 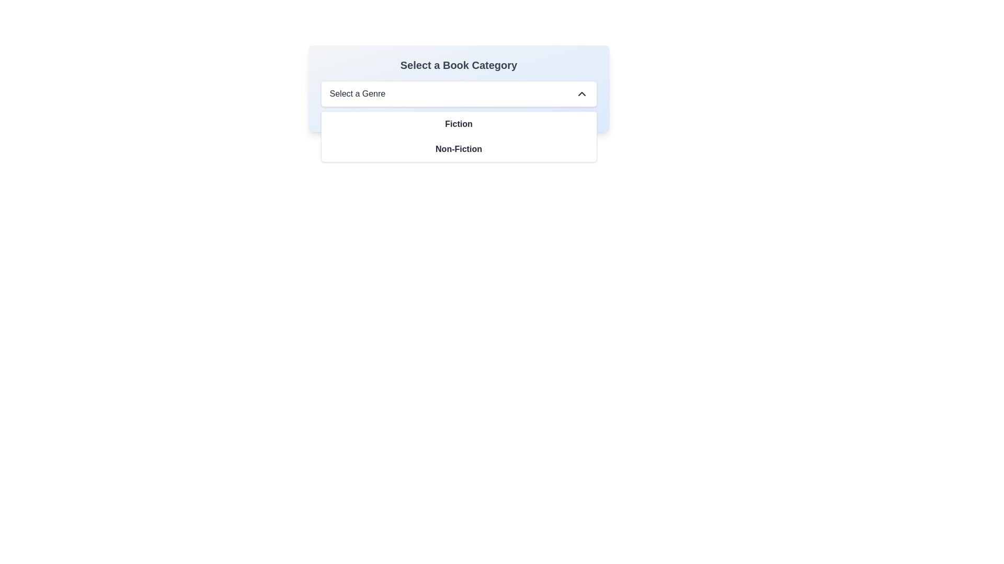 I want to click on the dropdown menu labeled 'Select a Genre', so click(x=459, y=94).